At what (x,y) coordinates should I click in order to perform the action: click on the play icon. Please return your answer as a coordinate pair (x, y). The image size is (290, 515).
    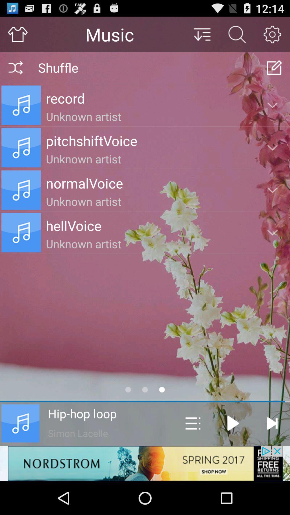
    Looking at the image, I should click on (233, 453).